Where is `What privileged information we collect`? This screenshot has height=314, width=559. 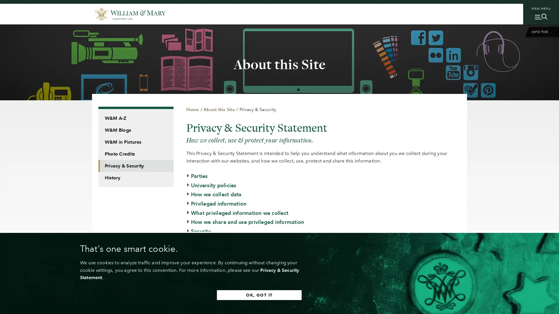 What privileged information we collect is located at coordinates (237, 213).